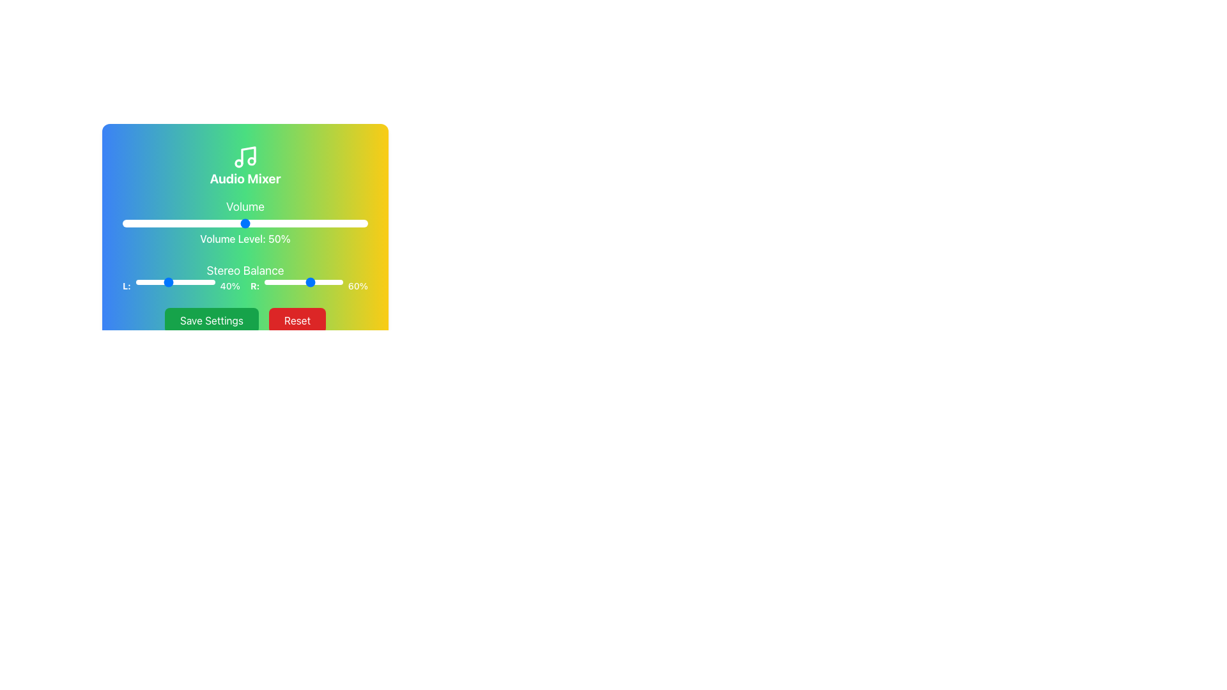 The width and height of the screenshot is (1227, 690). I want to click on the R value, so click(318, 282).